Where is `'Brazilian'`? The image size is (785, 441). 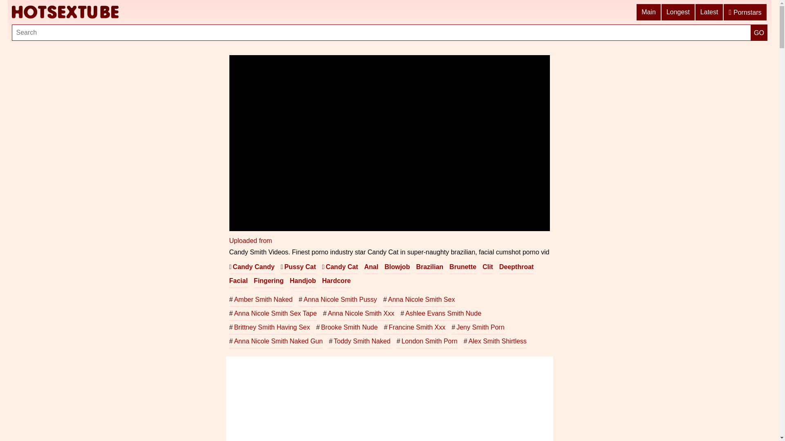
'Brazilian' is located at coordinates (429, 267).